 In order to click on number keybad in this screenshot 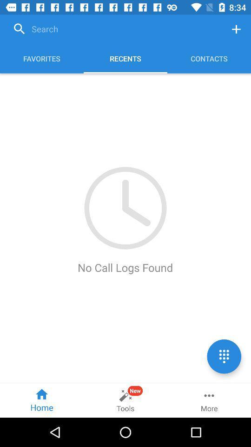, I will do `click(224, 356)`.